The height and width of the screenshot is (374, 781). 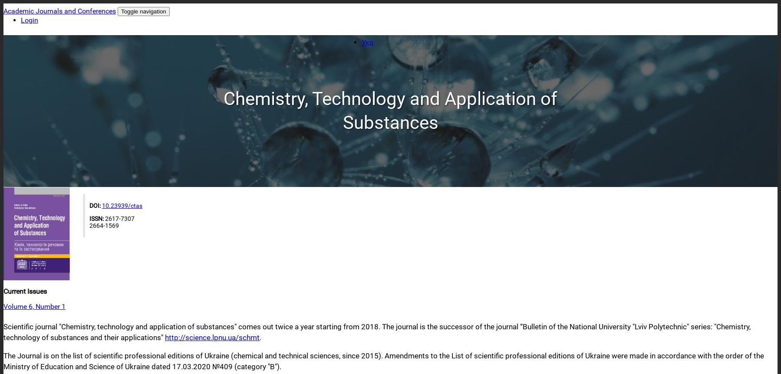 What do you see at coordinates (390, 110) in the screenshot?
I see `'Chemistry, Technology and Application of Substances'` at bounding box center [390, 110].